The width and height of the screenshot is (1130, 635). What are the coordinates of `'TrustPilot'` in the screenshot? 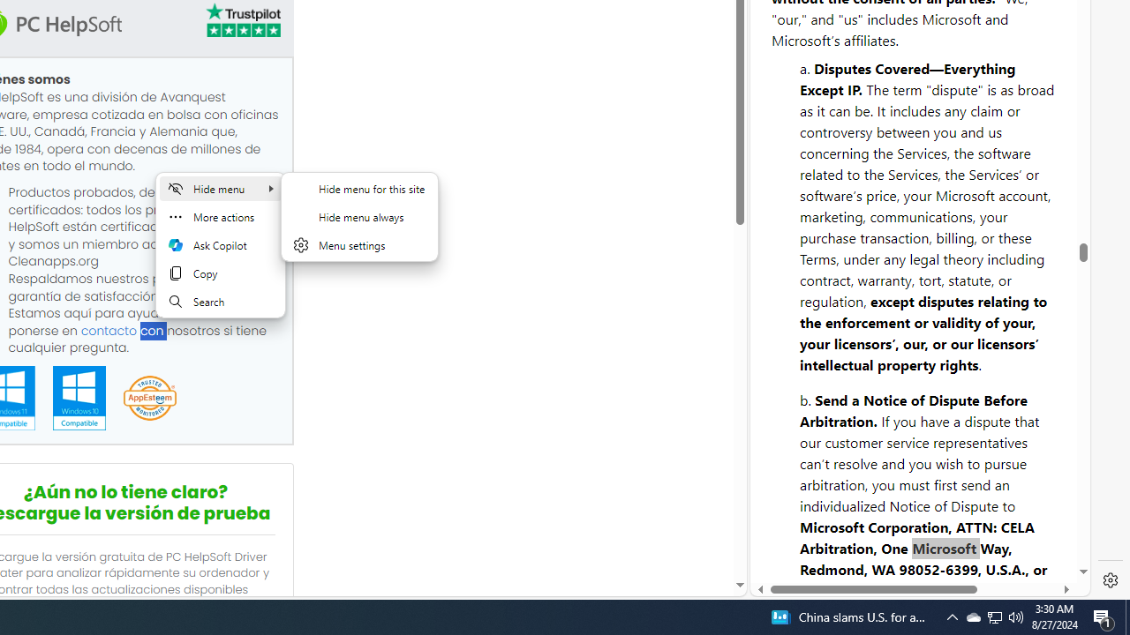 It's located at (241, 20).